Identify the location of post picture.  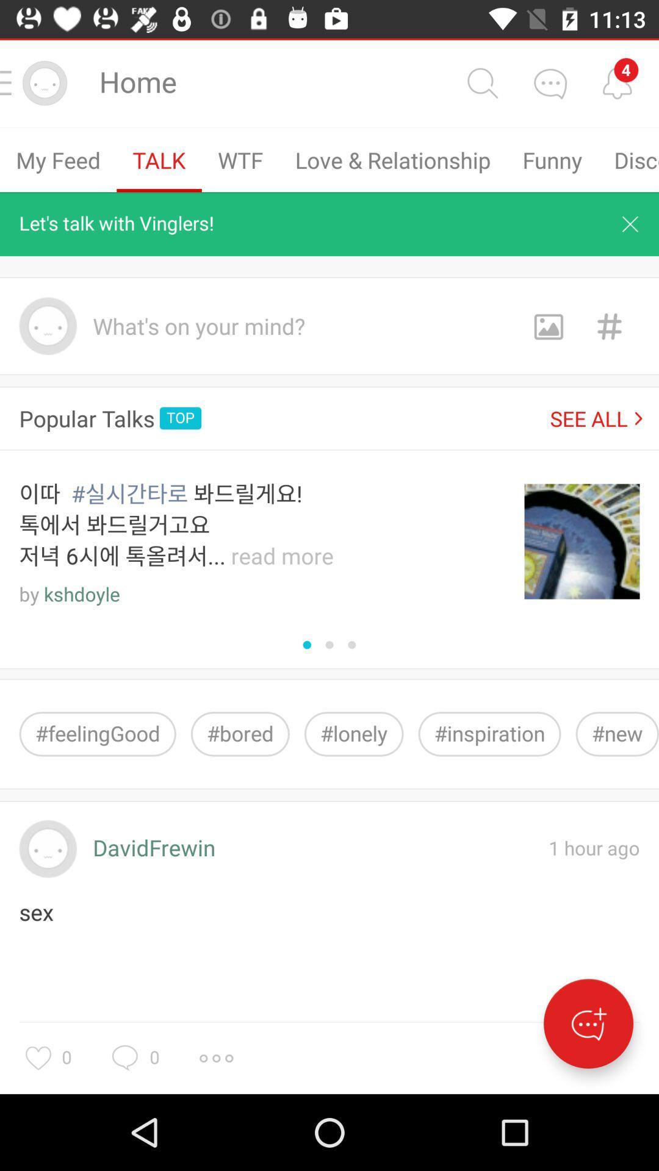
(547, 326).